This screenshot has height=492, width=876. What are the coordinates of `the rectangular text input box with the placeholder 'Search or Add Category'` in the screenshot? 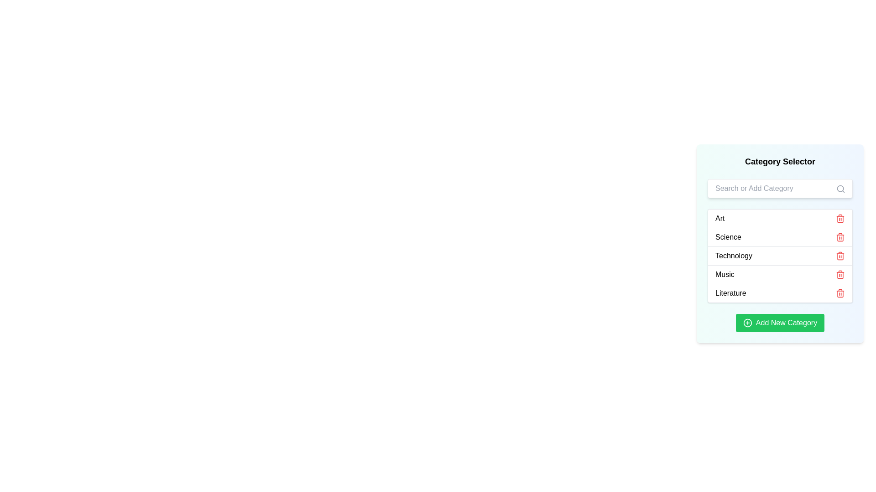 It's located at (779, 188).